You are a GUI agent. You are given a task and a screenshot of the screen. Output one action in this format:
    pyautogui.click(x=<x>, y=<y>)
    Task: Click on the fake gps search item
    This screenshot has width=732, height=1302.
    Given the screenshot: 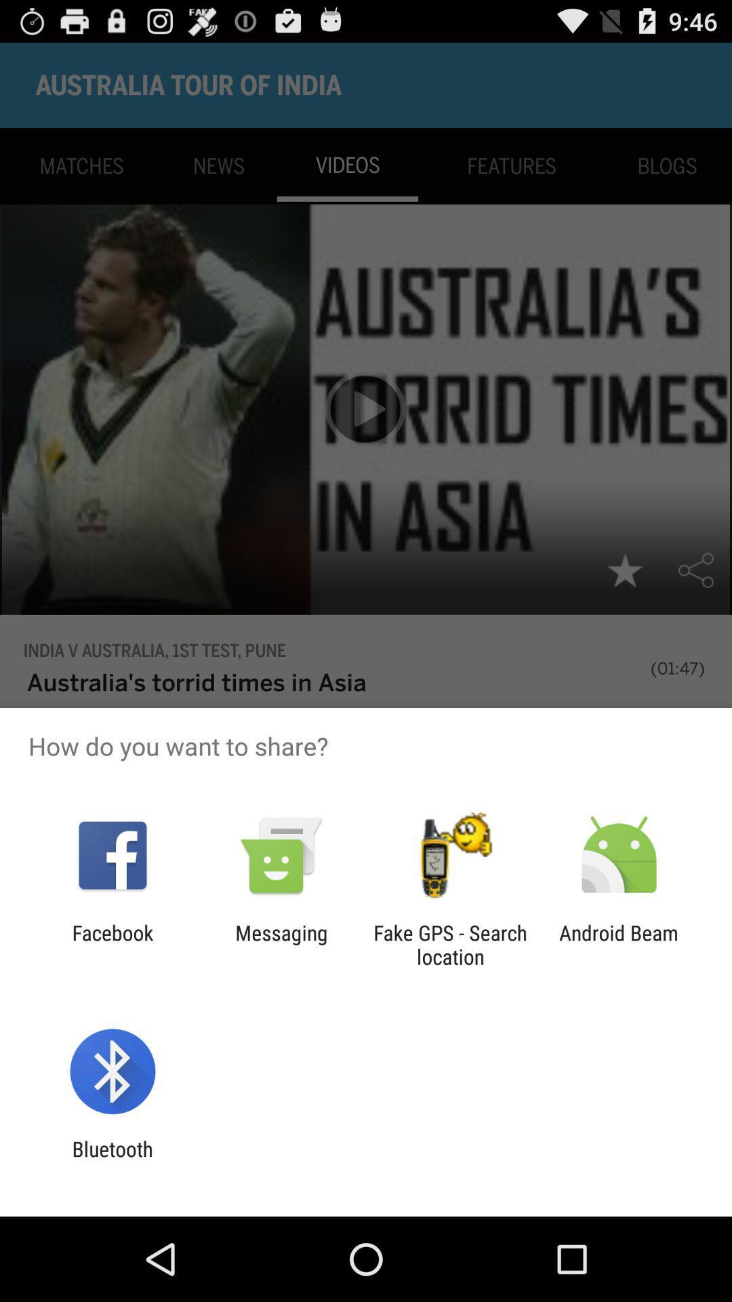 What is the action you would take?
    pyautogui.click(x=450, y=944)
    